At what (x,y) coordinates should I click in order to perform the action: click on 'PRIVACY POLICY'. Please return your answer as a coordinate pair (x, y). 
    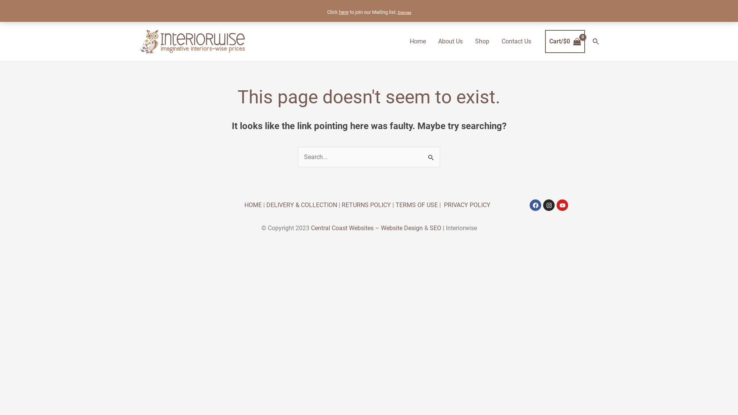
    Looking at the image, I should click on (444, 204).